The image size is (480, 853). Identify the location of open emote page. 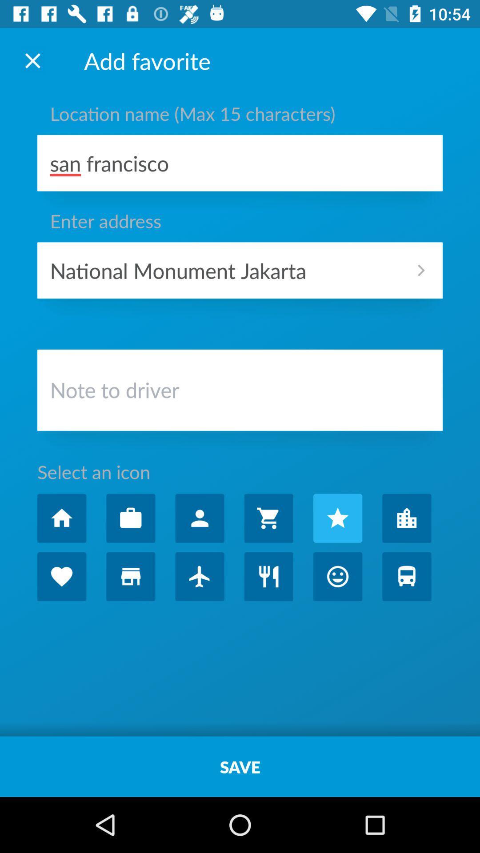
(338, 576).